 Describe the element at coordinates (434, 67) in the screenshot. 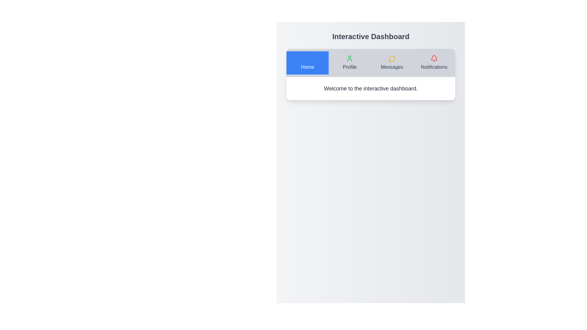

I see `the 'Notifications' text label located at the rightmost section of the navigation header, directly below the bell icon` at that location.